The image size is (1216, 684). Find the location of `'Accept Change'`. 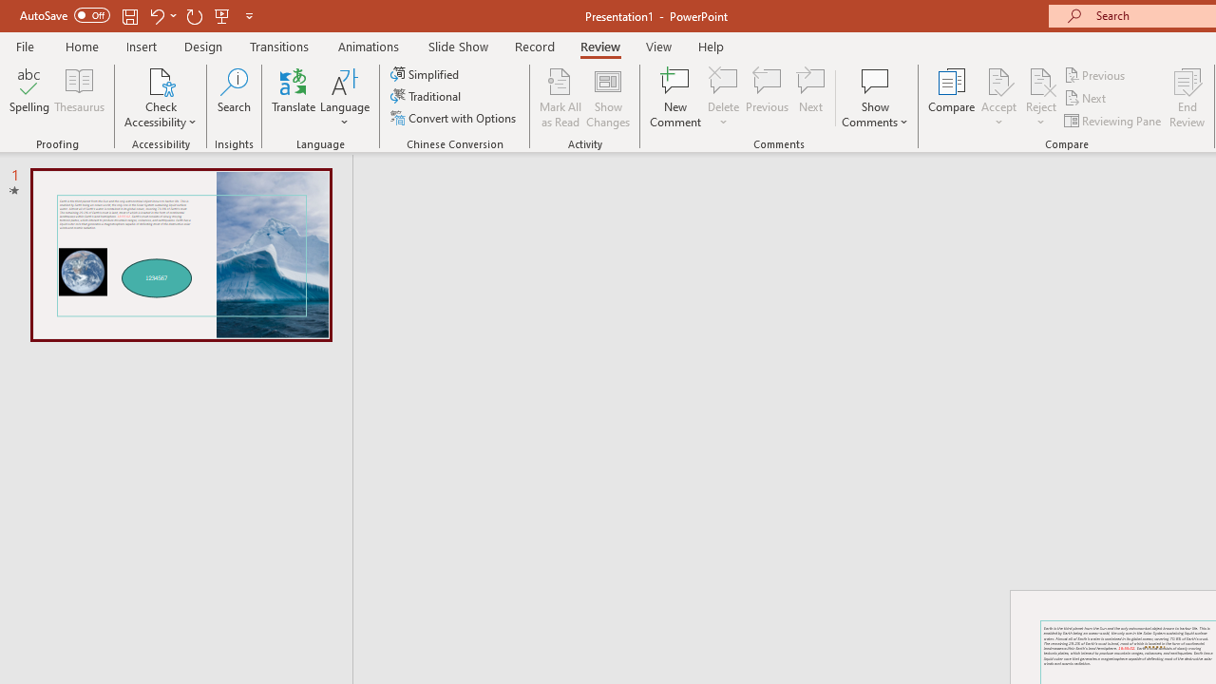

'Accept Change' is located at coordinates (997, 80).